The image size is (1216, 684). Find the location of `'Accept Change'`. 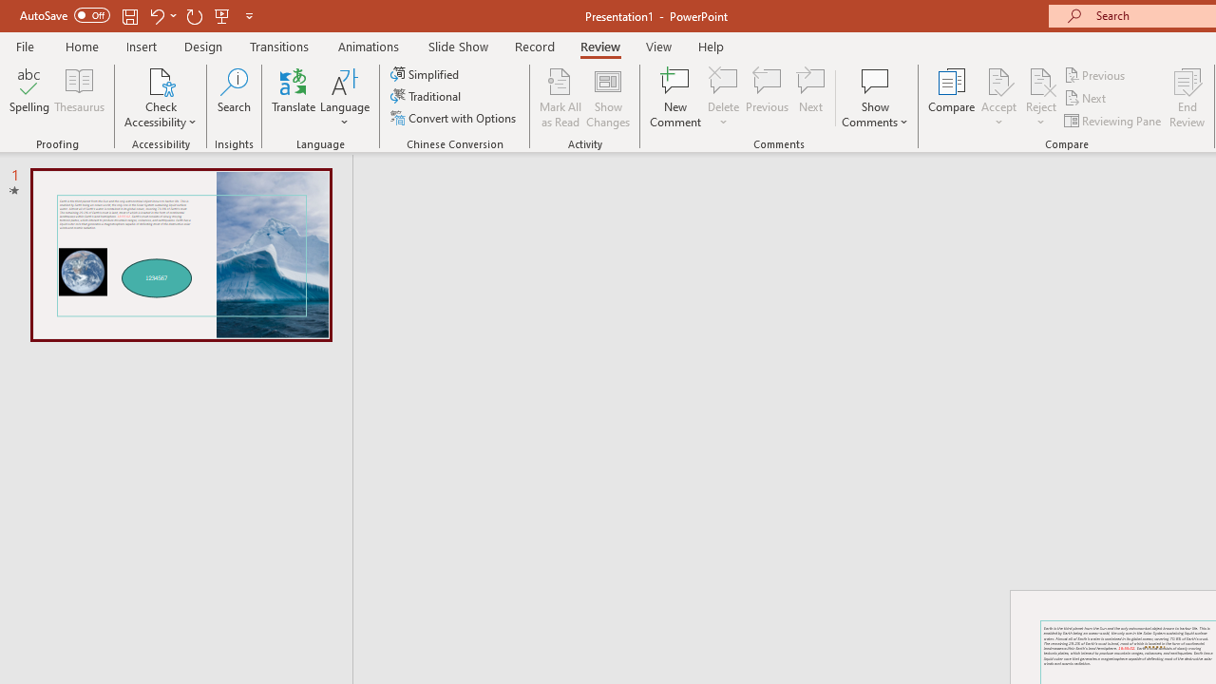

'Accept Change' is located at coordinates (997, 80).